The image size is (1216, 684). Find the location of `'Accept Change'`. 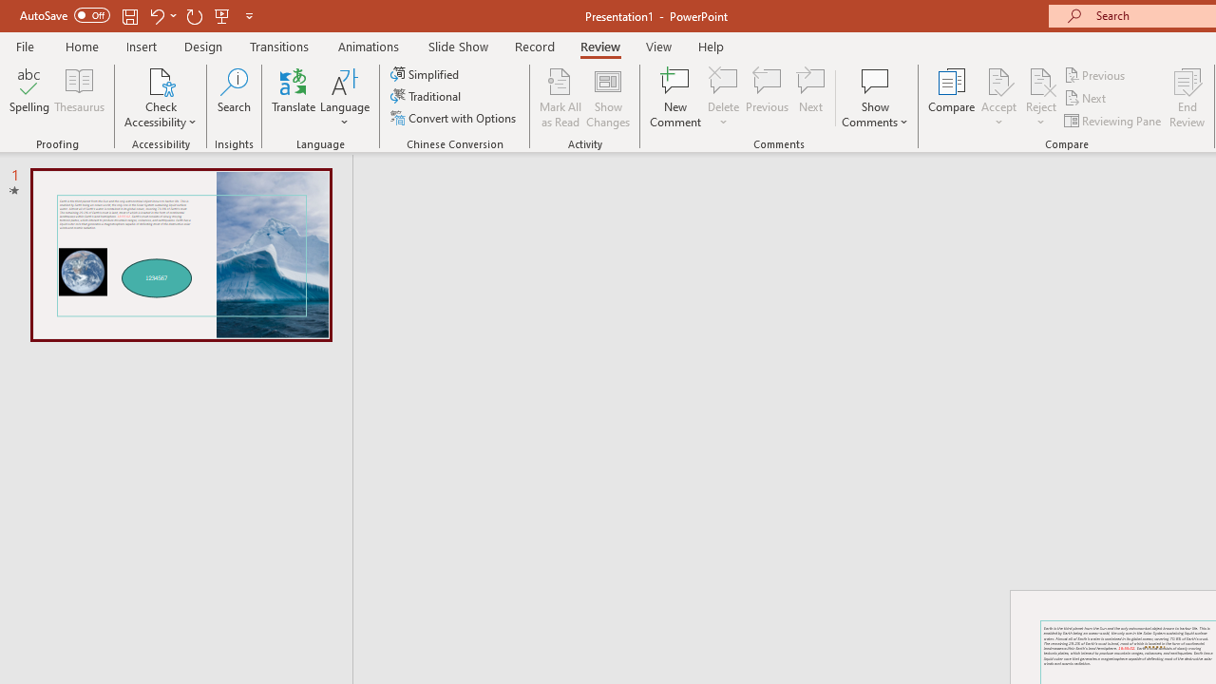

'Accept Change' is located at coordinates (997, 80).